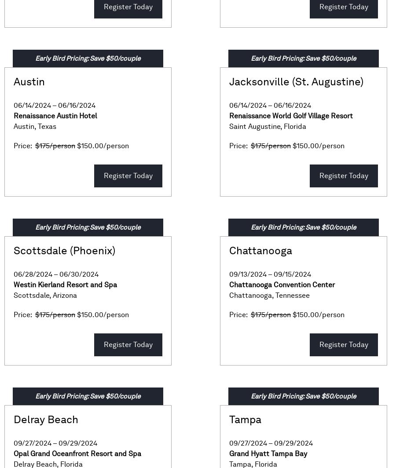 The image size is (418, 468). I want to click on 'Renaissance Austin Hotel', so click(13, 116).